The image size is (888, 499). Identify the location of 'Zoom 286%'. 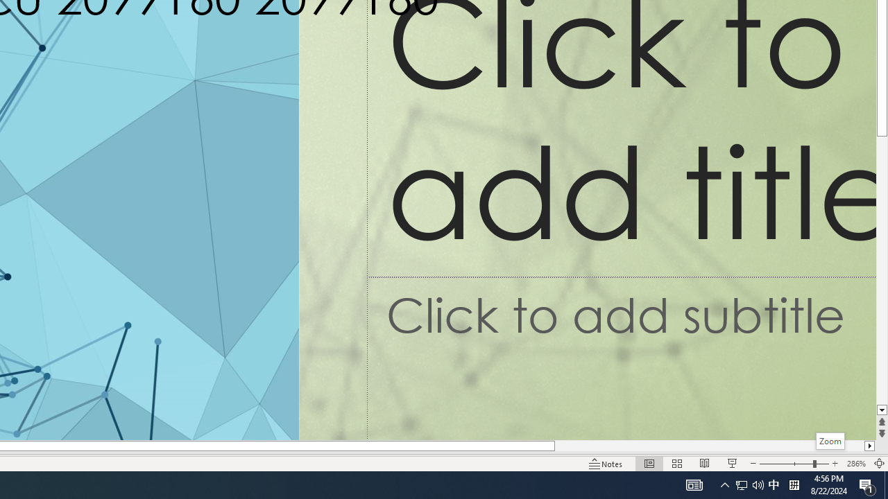
(855, 464).